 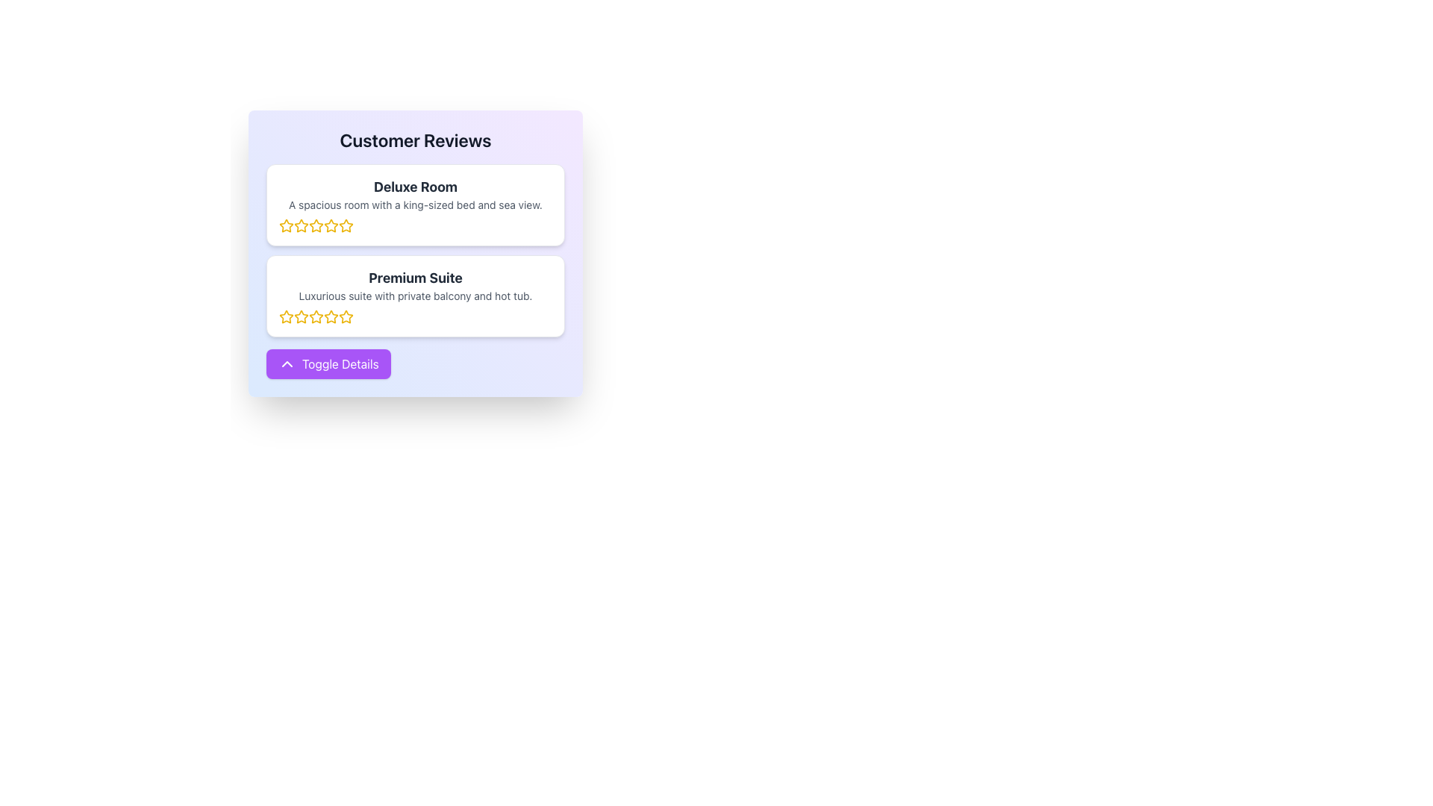 What do you see at coordinates (331, 316) in the screenshot?
I see `the fourth yellow star icon for rating in the 'Premium Suite' section of the rating system` at bounding box center [331, 316].